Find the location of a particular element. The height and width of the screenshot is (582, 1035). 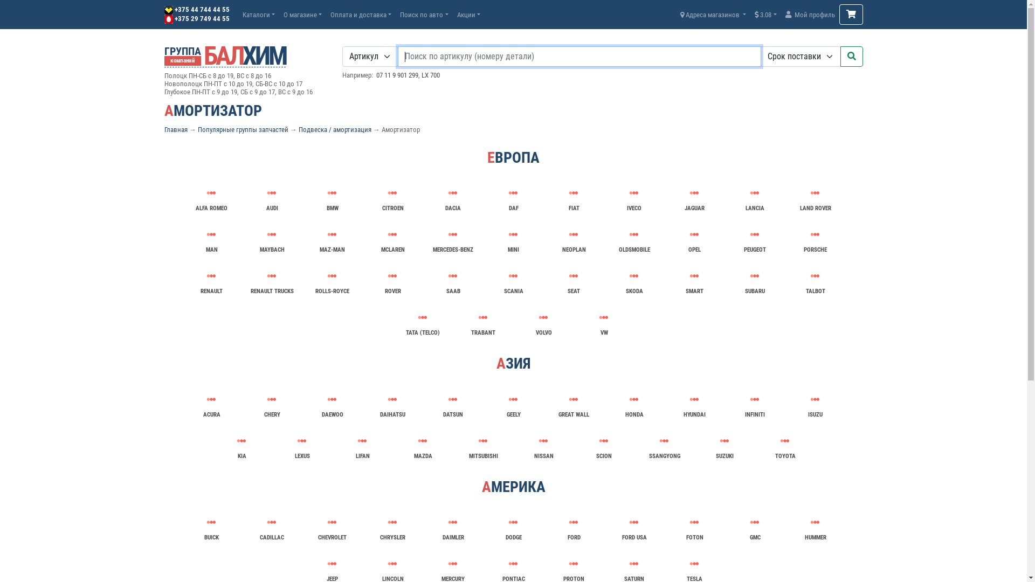

'FORD' is located at coordinates (573, 525).